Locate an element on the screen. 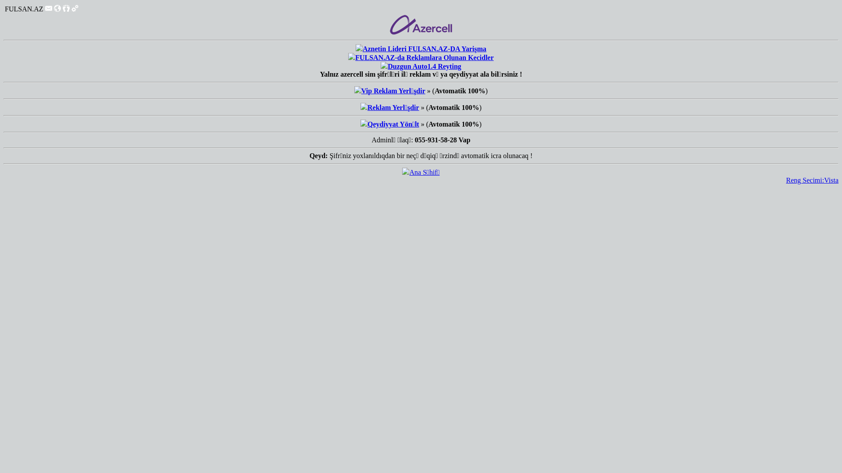 This screenshot has width=842, height=473. 'Qonaqlar' is located at coordinates (65, 9).